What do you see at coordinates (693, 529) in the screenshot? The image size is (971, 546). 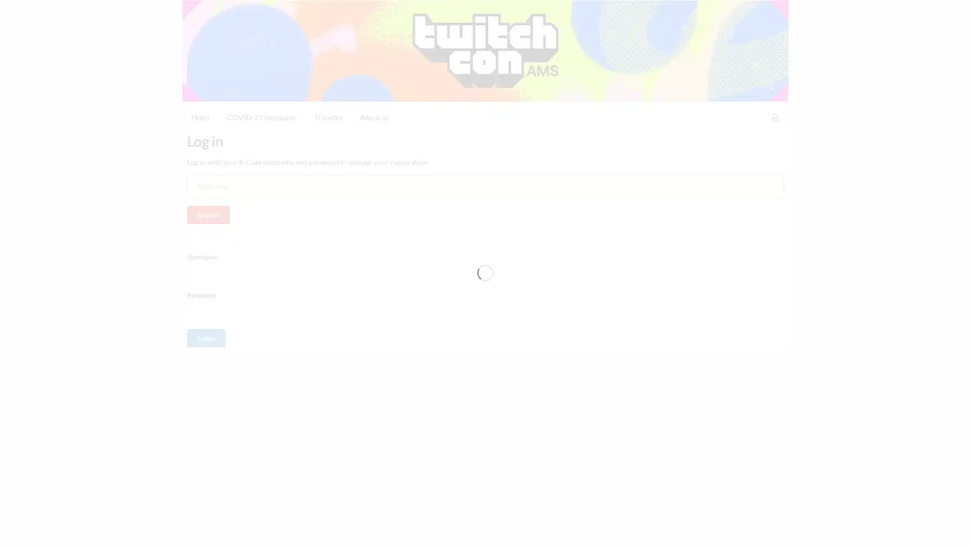 I see `Disable All` at bounding box center [693, 529].